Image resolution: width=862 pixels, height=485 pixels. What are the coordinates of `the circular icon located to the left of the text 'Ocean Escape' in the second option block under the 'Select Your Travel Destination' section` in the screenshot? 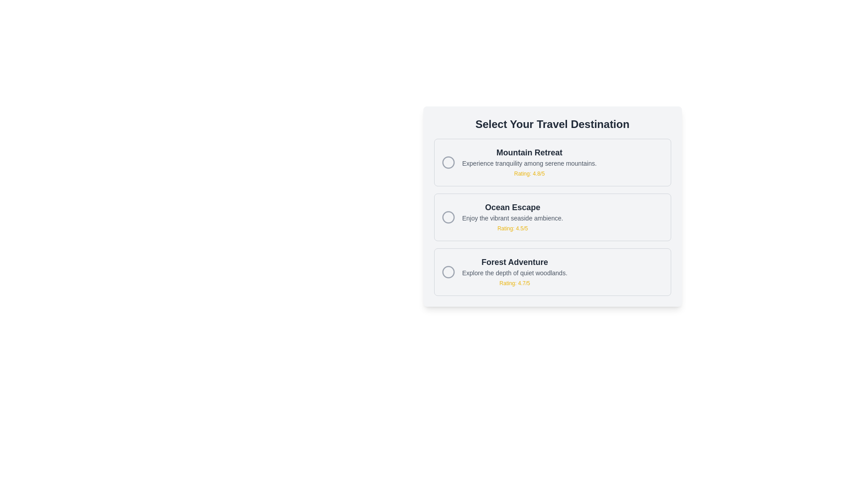 It's located at (448, 217).